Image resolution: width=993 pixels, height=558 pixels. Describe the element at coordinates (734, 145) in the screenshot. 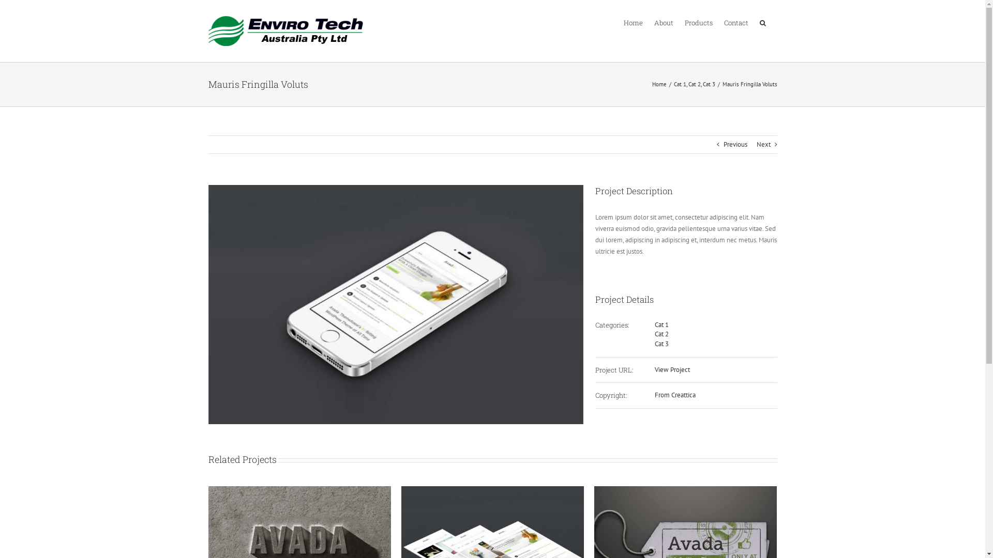

I see `'Previous'` at that location.